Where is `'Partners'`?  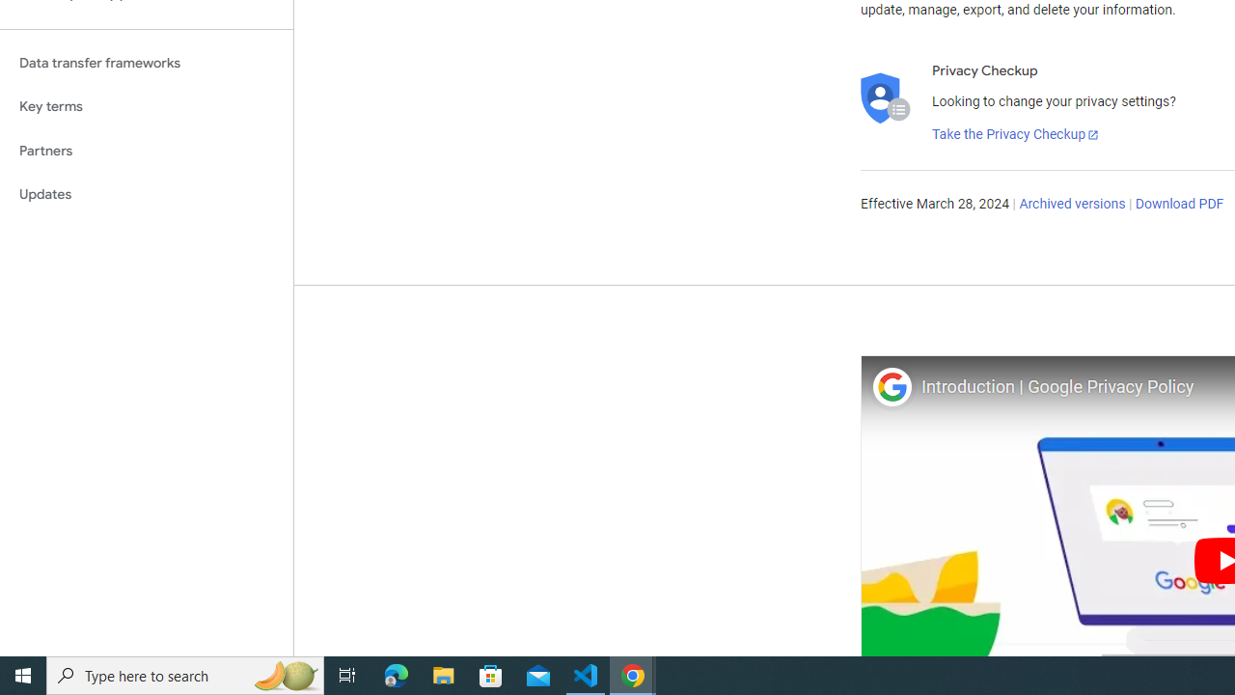
'Partners' is located at coordinates (146, 150).